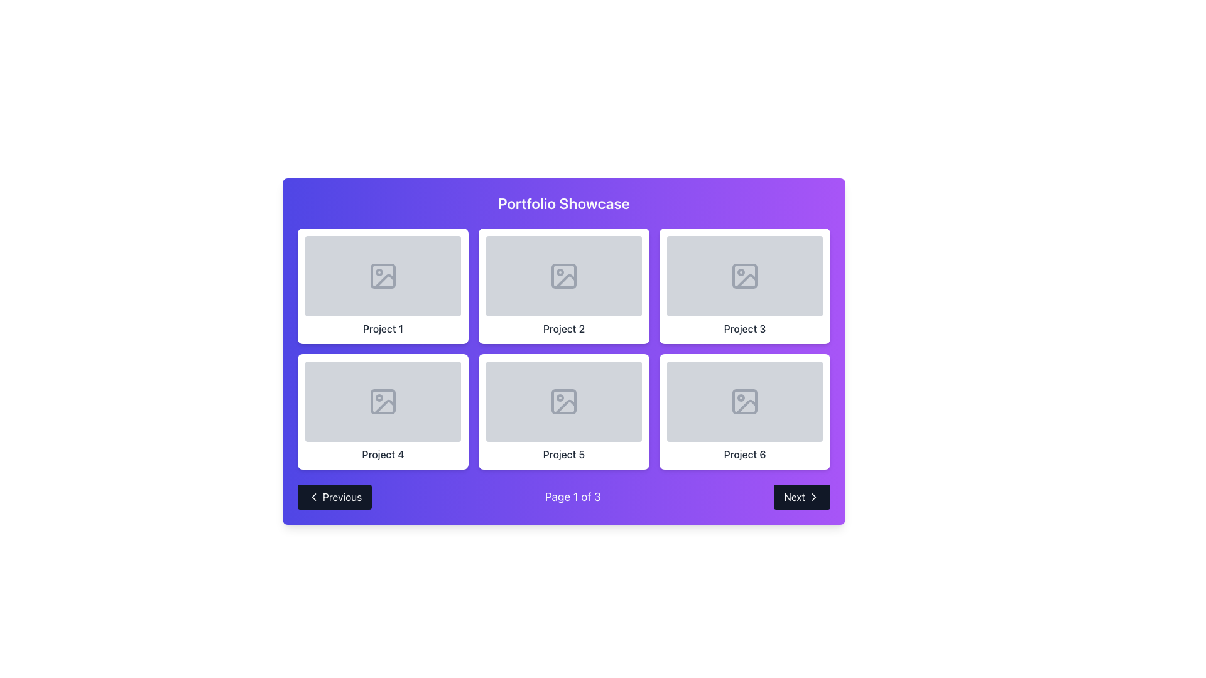 The height and width of the screenshot is (678, 1206). What do you see at coordinates (382, 402) in the screenshot?
I see `the SVG Icon that represents a piece of content located in the bottom-left of the fourth placeholder in a grid of six elements` at bounding box center [382, 402].